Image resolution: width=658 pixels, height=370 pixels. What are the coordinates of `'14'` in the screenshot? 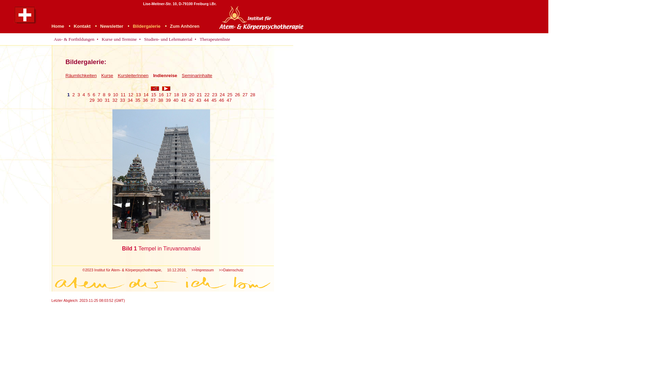 It's located at (146, 95).